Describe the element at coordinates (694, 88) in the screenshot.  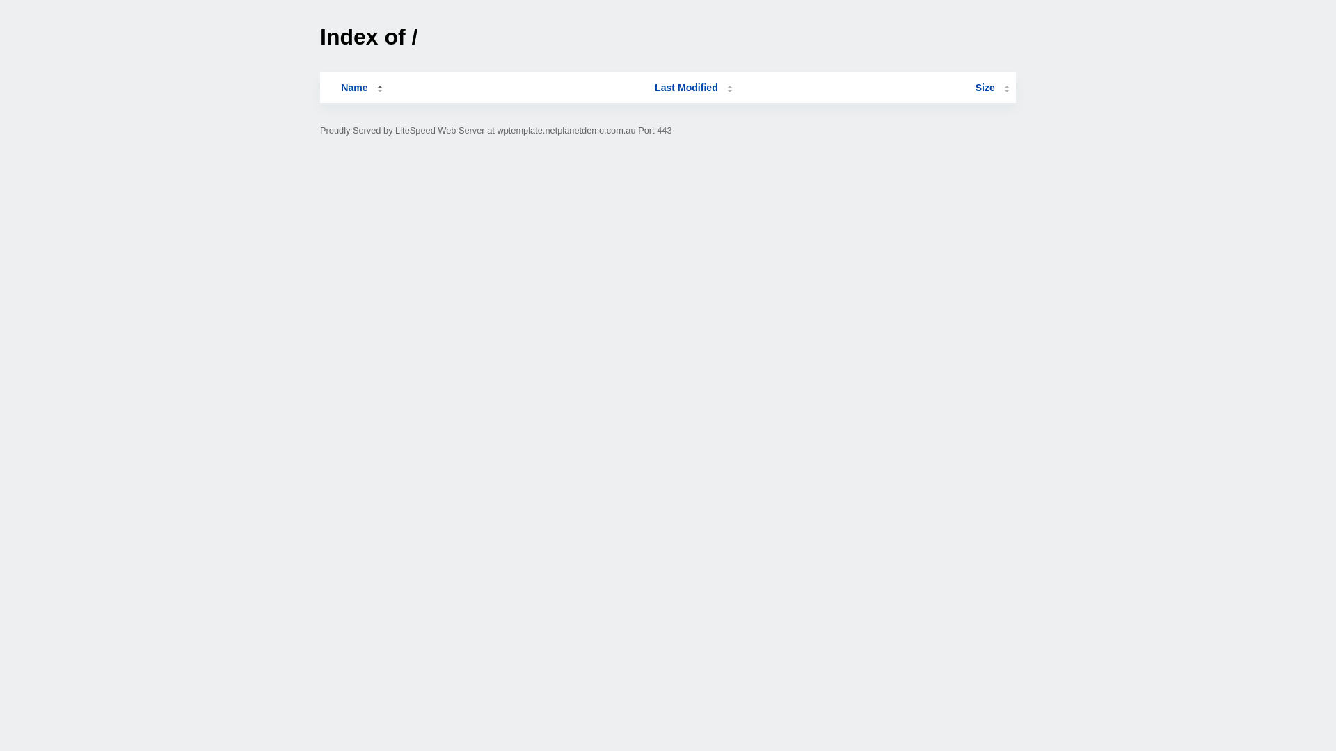
I see `'Last Modified'` at that location.